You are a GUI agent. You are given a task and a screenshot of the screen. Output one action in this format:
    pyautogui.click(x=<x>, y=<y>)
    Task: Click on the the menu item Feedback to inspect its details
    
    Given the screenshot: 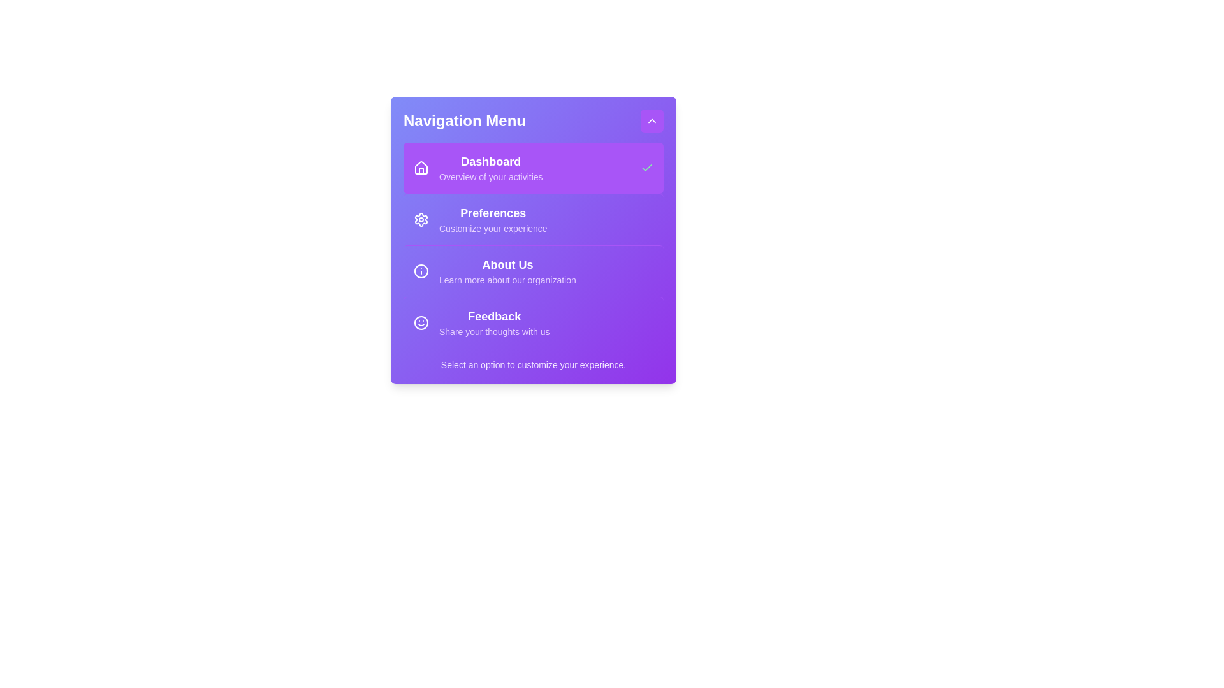 What is the action you would take?
    pyautogui.click(x=533, y=322)
    